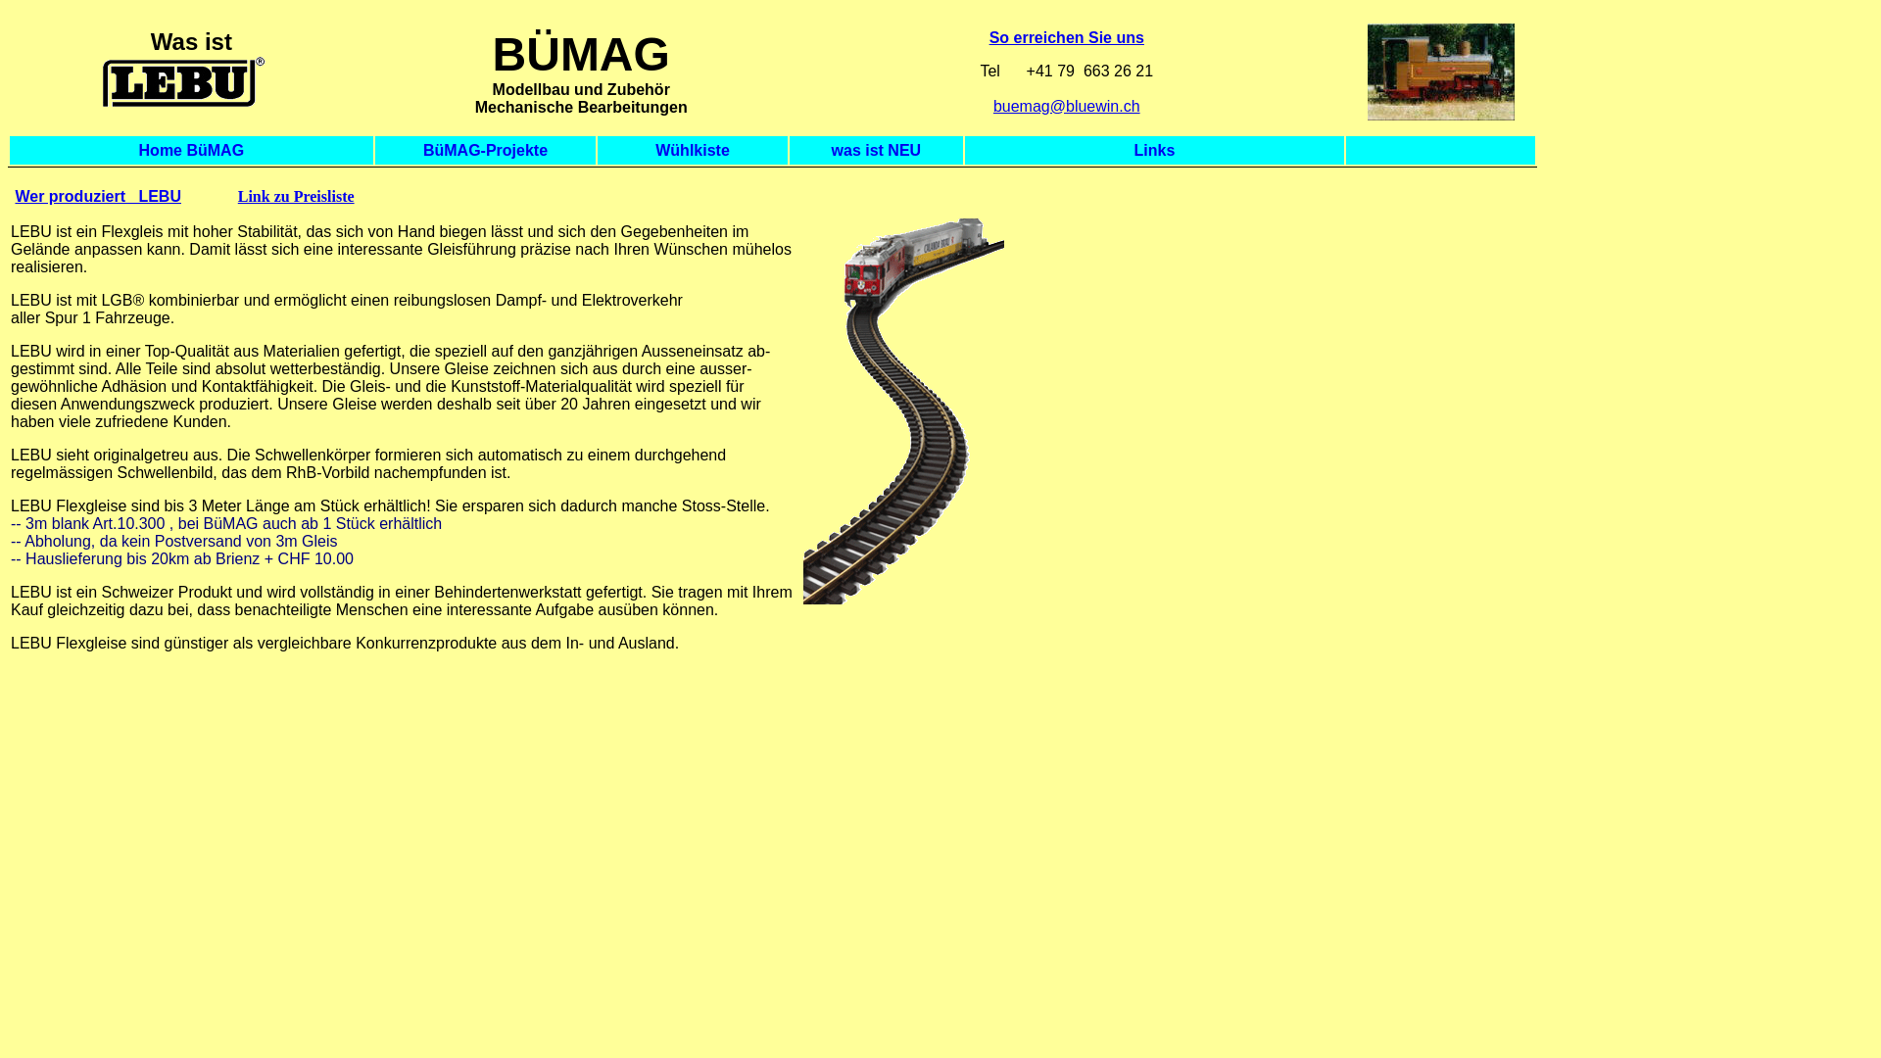 The image size is (1881, 1058). Describe the element at coordinates (14, 196) in the screenshot. I see `'Wer produziert   LEBU'` at that location.